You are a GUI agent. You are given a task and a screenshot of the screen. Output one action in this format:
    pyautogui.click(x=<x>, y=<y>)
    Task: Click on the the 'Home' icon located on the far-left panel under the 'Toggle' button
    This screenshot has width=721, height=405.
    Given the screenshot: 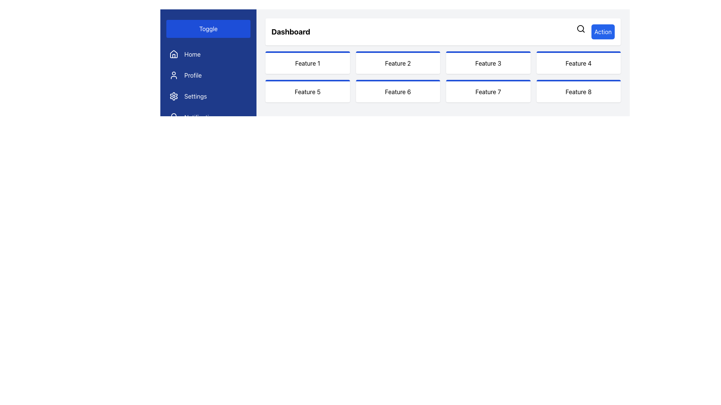 What is the action you would take?
    pyautogui.click(x=173, y=54)
    